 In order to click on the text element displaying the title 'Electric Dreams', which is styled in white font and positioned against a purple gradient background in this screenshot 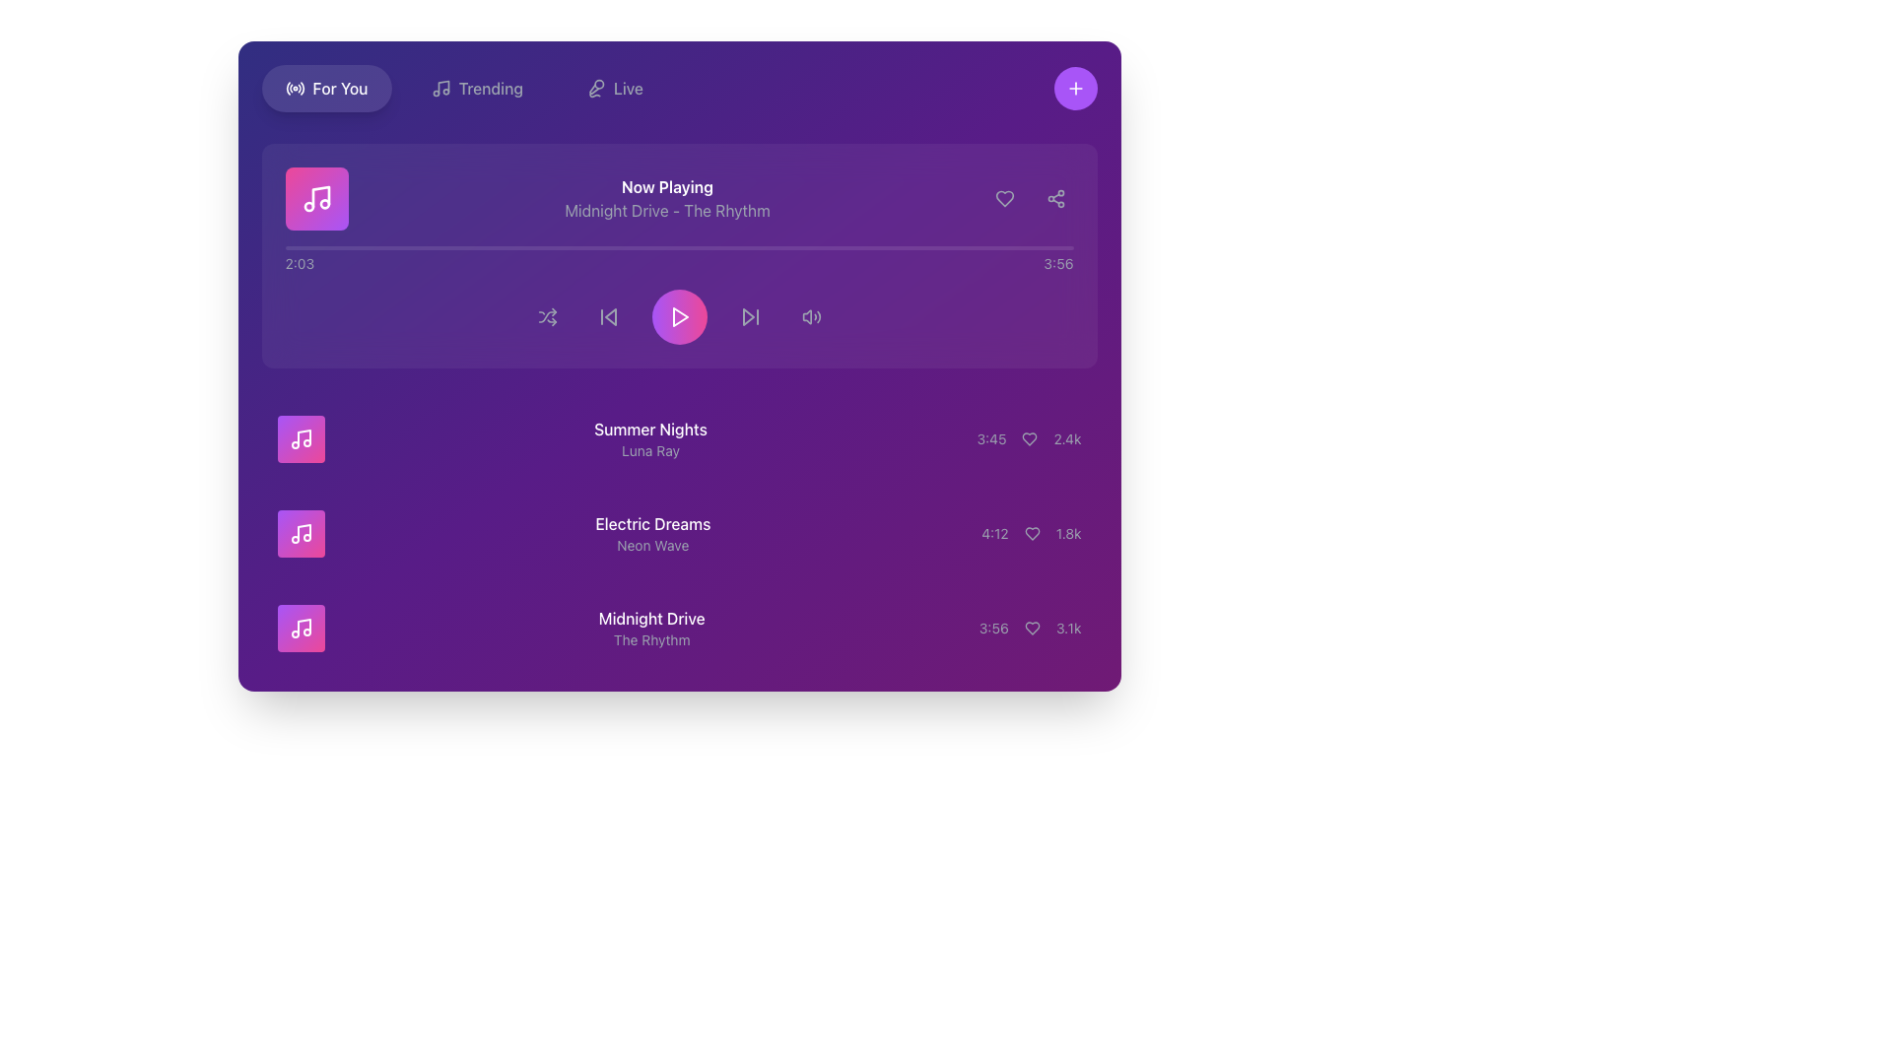, I will do `click(652, 523)`.